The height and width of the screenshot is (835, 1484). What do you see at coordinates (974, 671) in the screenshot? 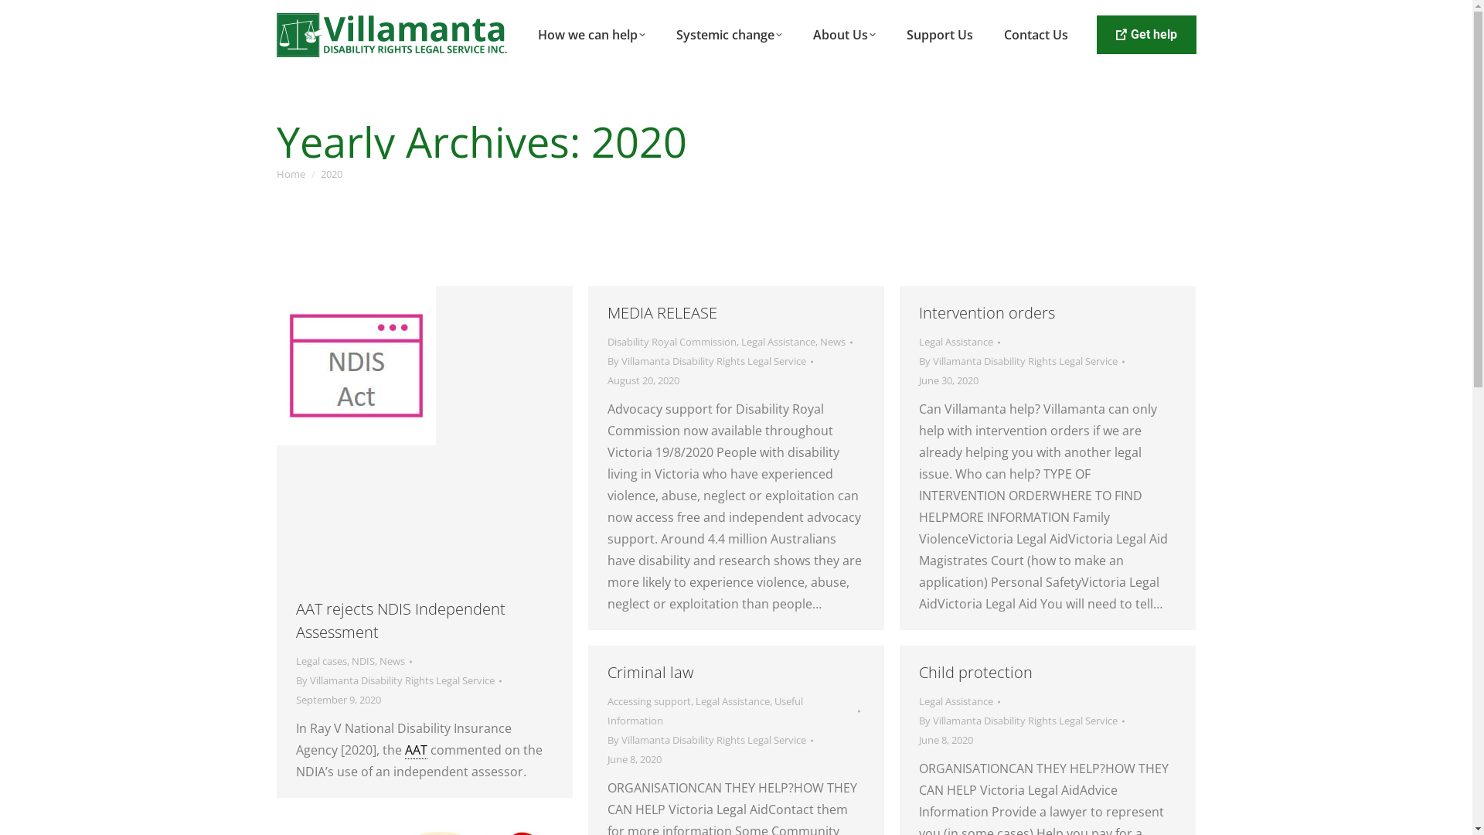
I see `'Child protection'` at bounding box center [974, 671].